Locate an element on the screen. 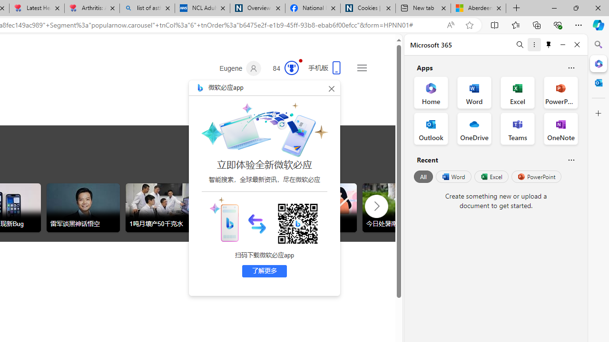  'AutomationID: tob_right_arrow' is located at coordinates (376, 205).